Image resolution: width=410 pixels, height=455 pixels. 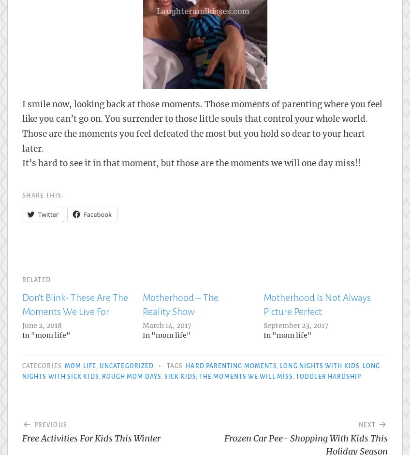 I want to click on 'Tags', so click(x=175, y=365).